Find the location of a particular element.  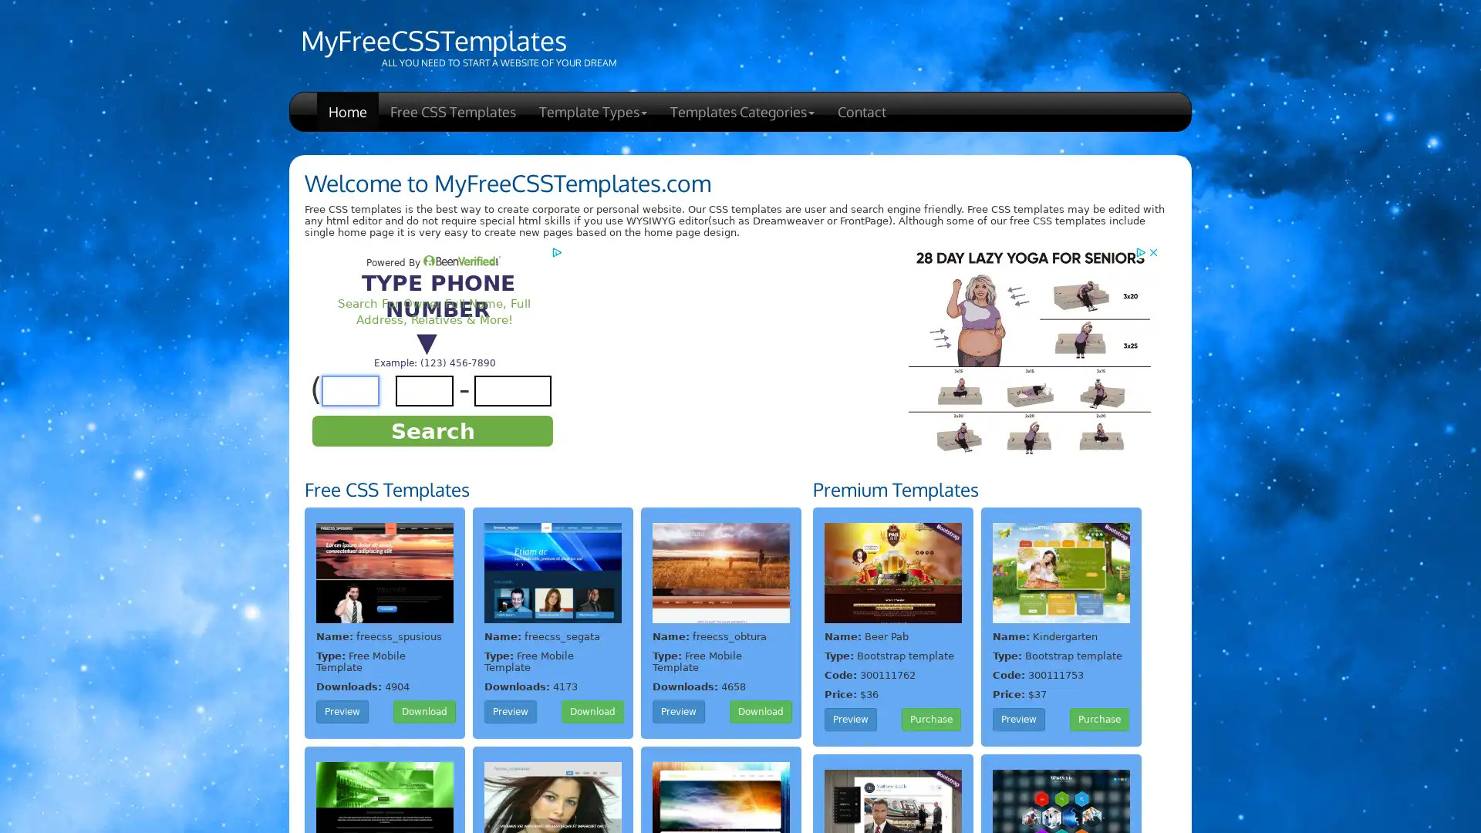

Preview is located at coordinates (511, 711).